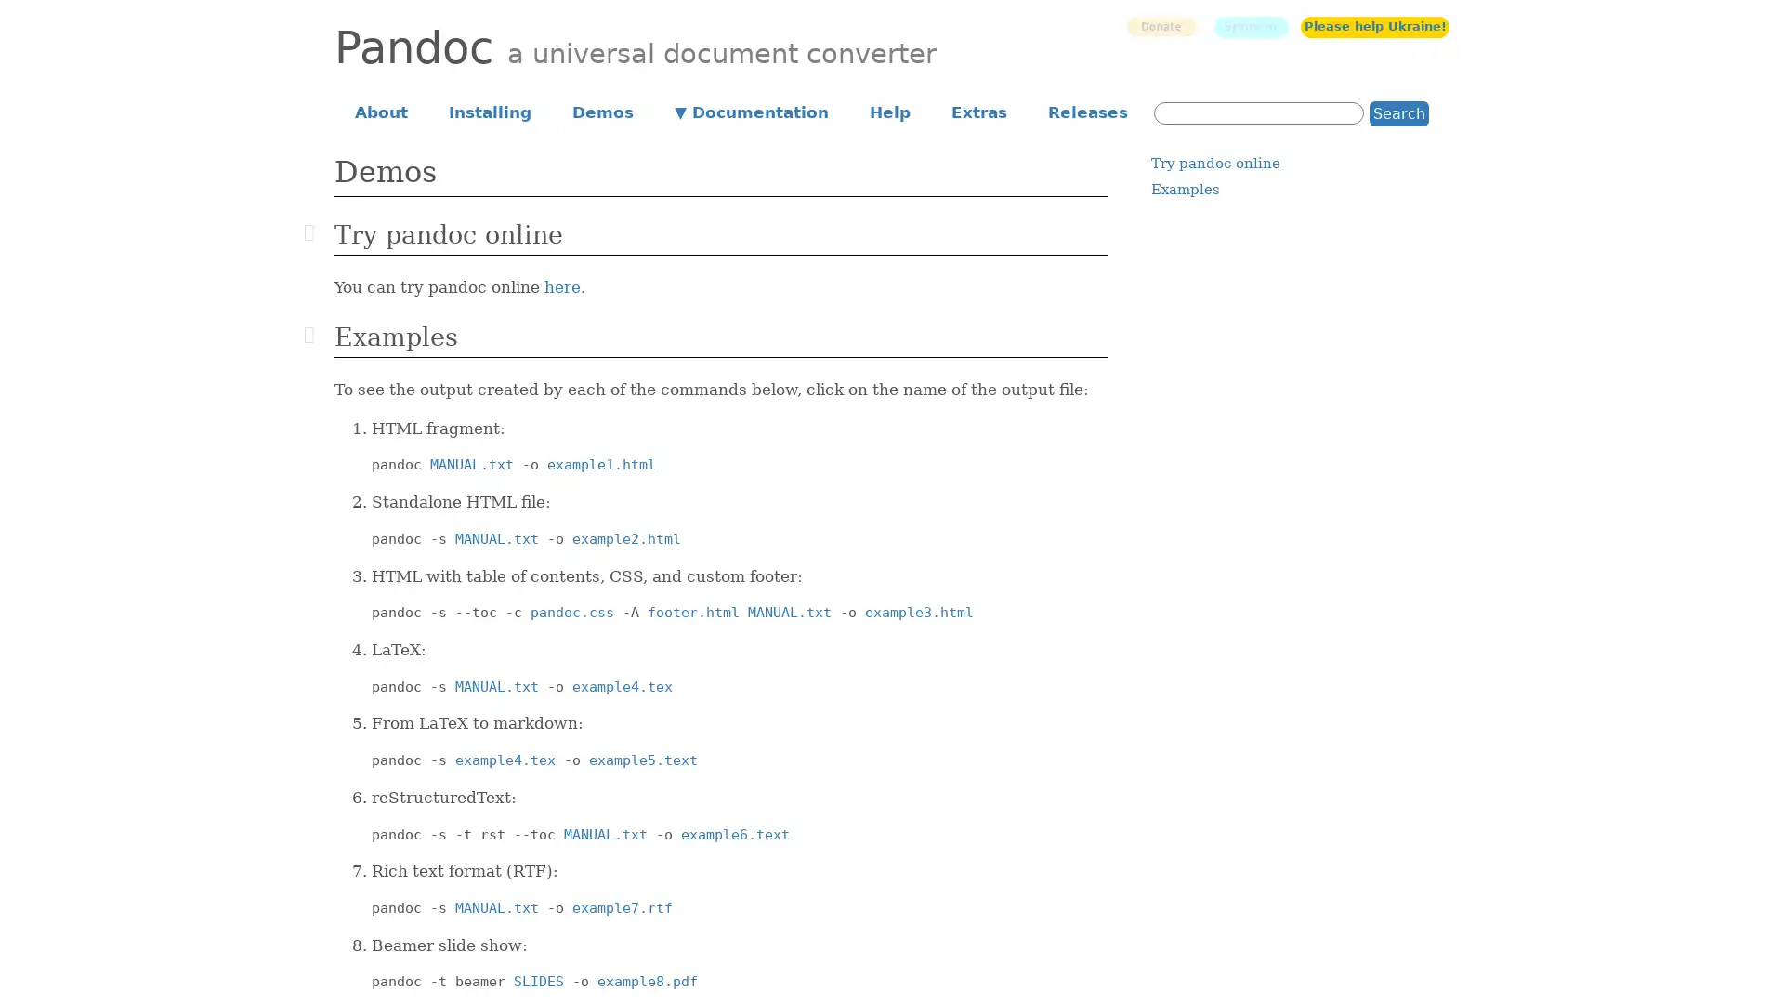  What do you see at coordinates (752, 111) in the screenshot?
I see `Documentation` at bounding box center [752, 111].